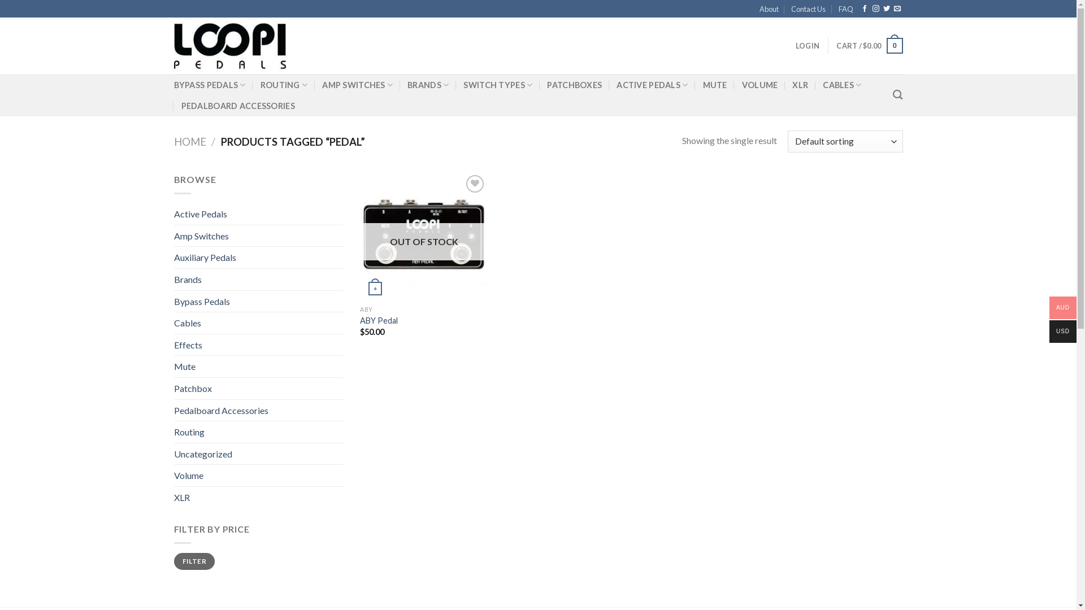 The height and width of the screenshot is (610, 1085). Describe the element at coordinates (808, 8) in the screenshot. I see `'Contact Us'` at that location.